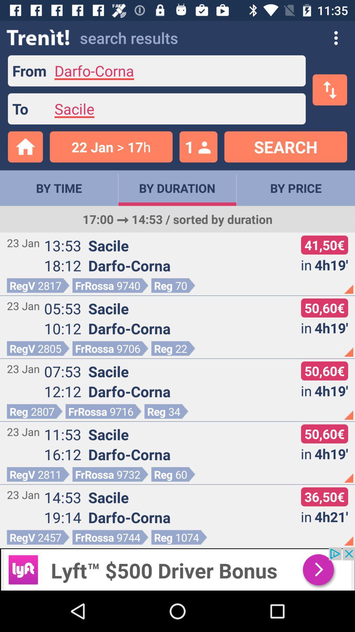  What do you see at coordinates (330, 90) in the screenshot?
I see `the swap icon` at bounding box center [330, 90].